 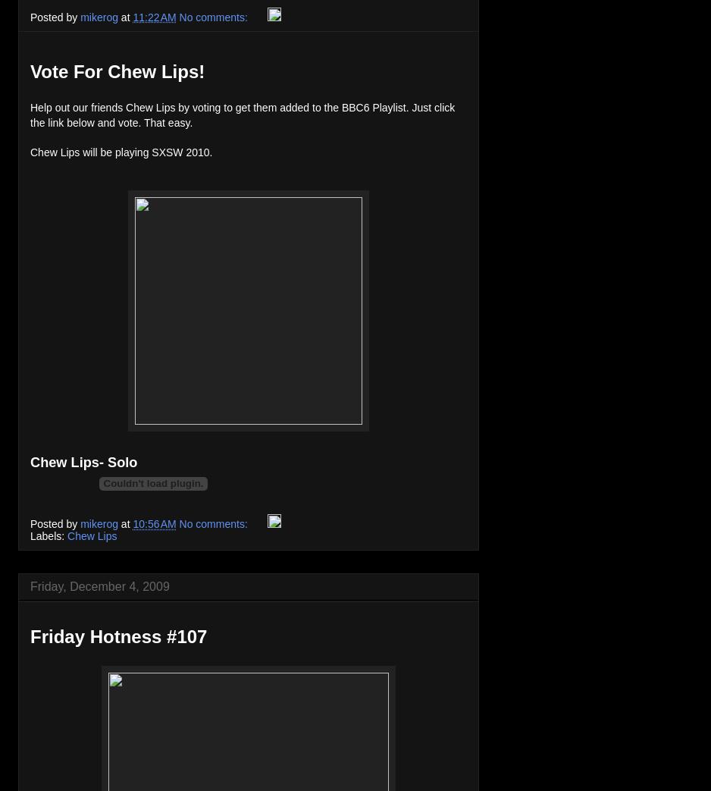 I want to click on 'Chew Lips- Solo', so click(x=83, y=462).